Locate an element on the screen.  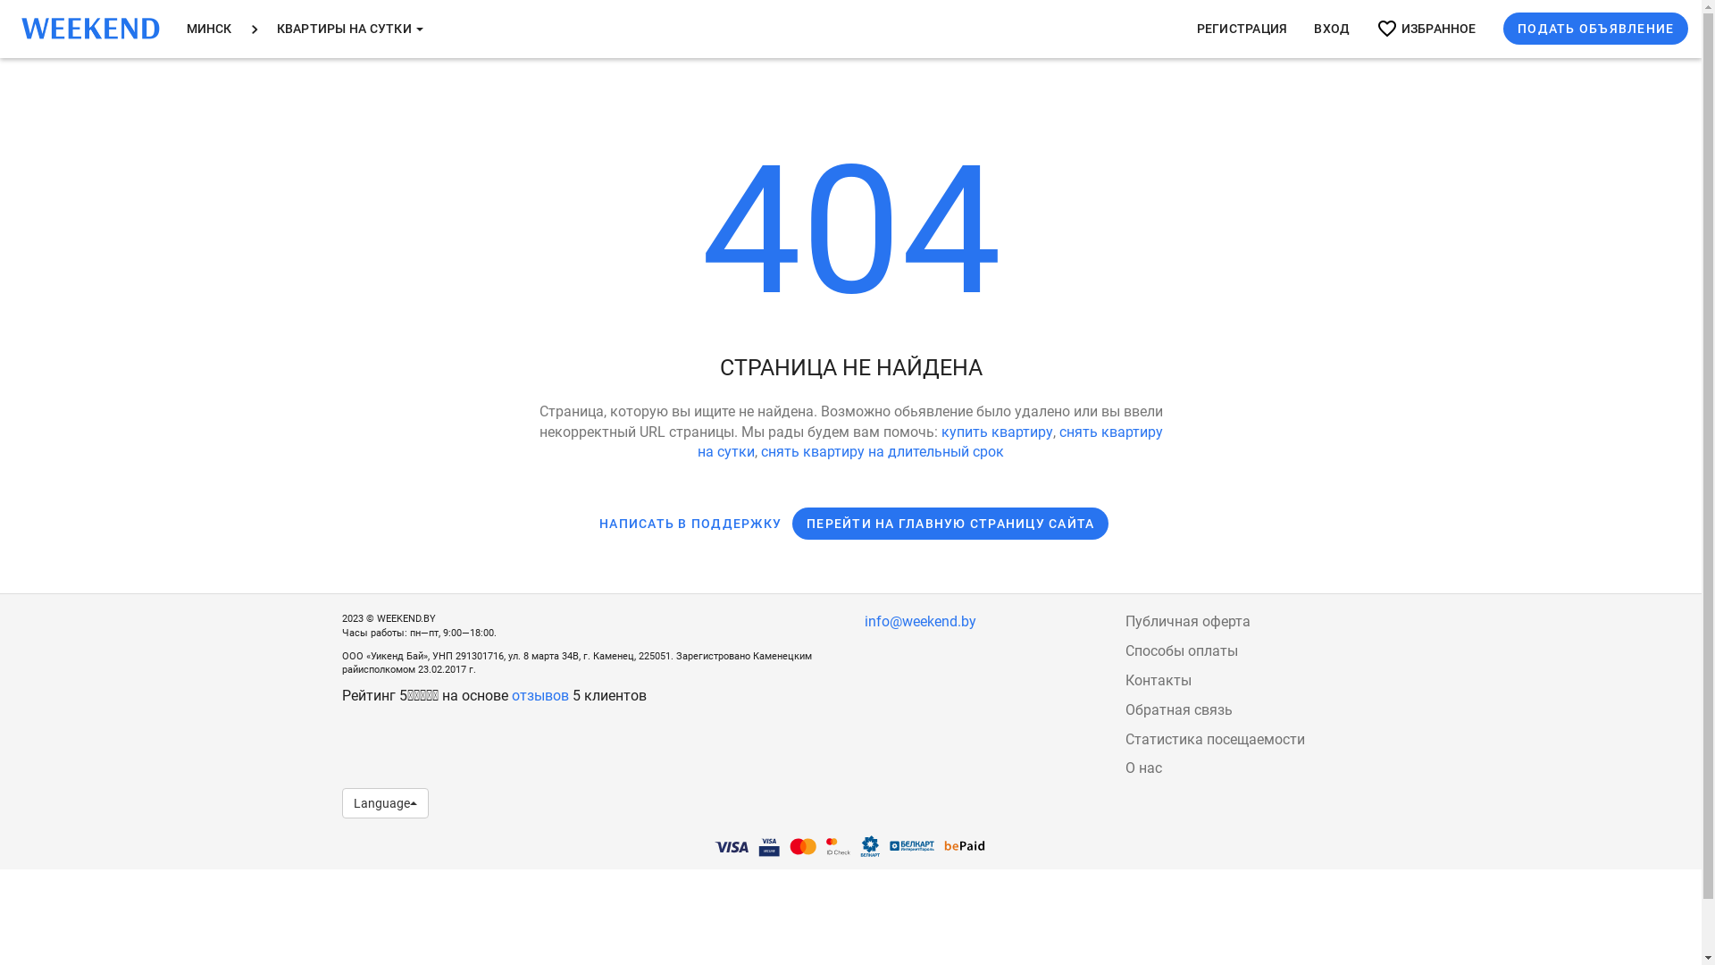
'info@weekend.by' is located at coordinates (920, 620).